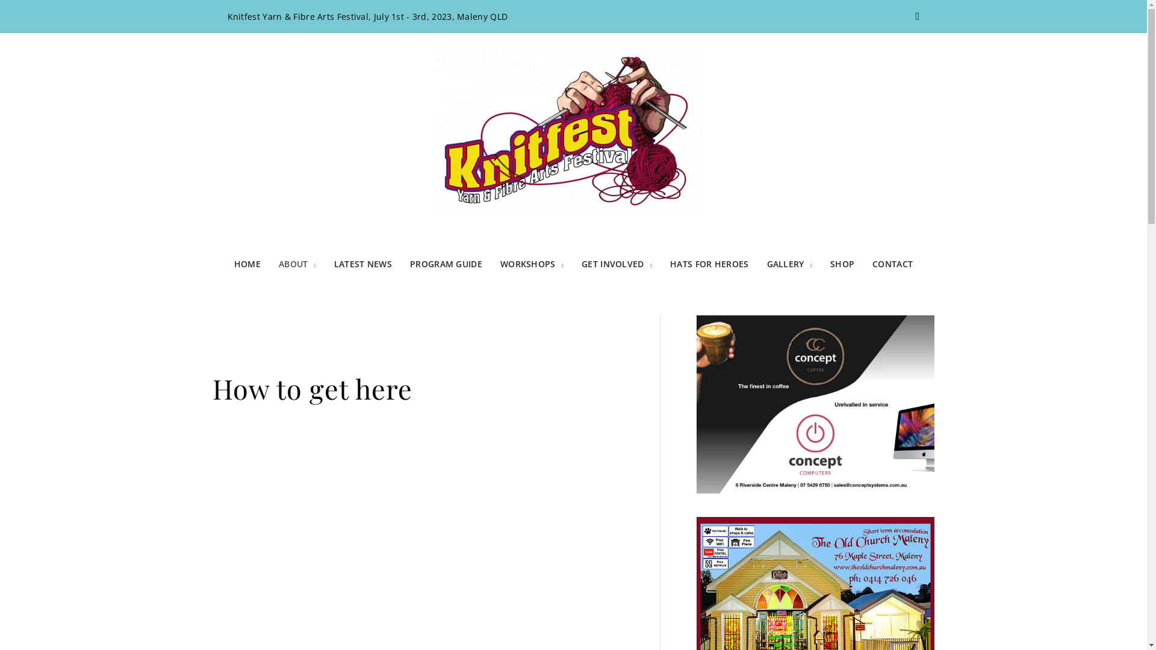 The width and height of the screenshot is (1156, 650). Describe the element at coordinates (247, 264) in the screenshot. I see `'HOME'` at that location.